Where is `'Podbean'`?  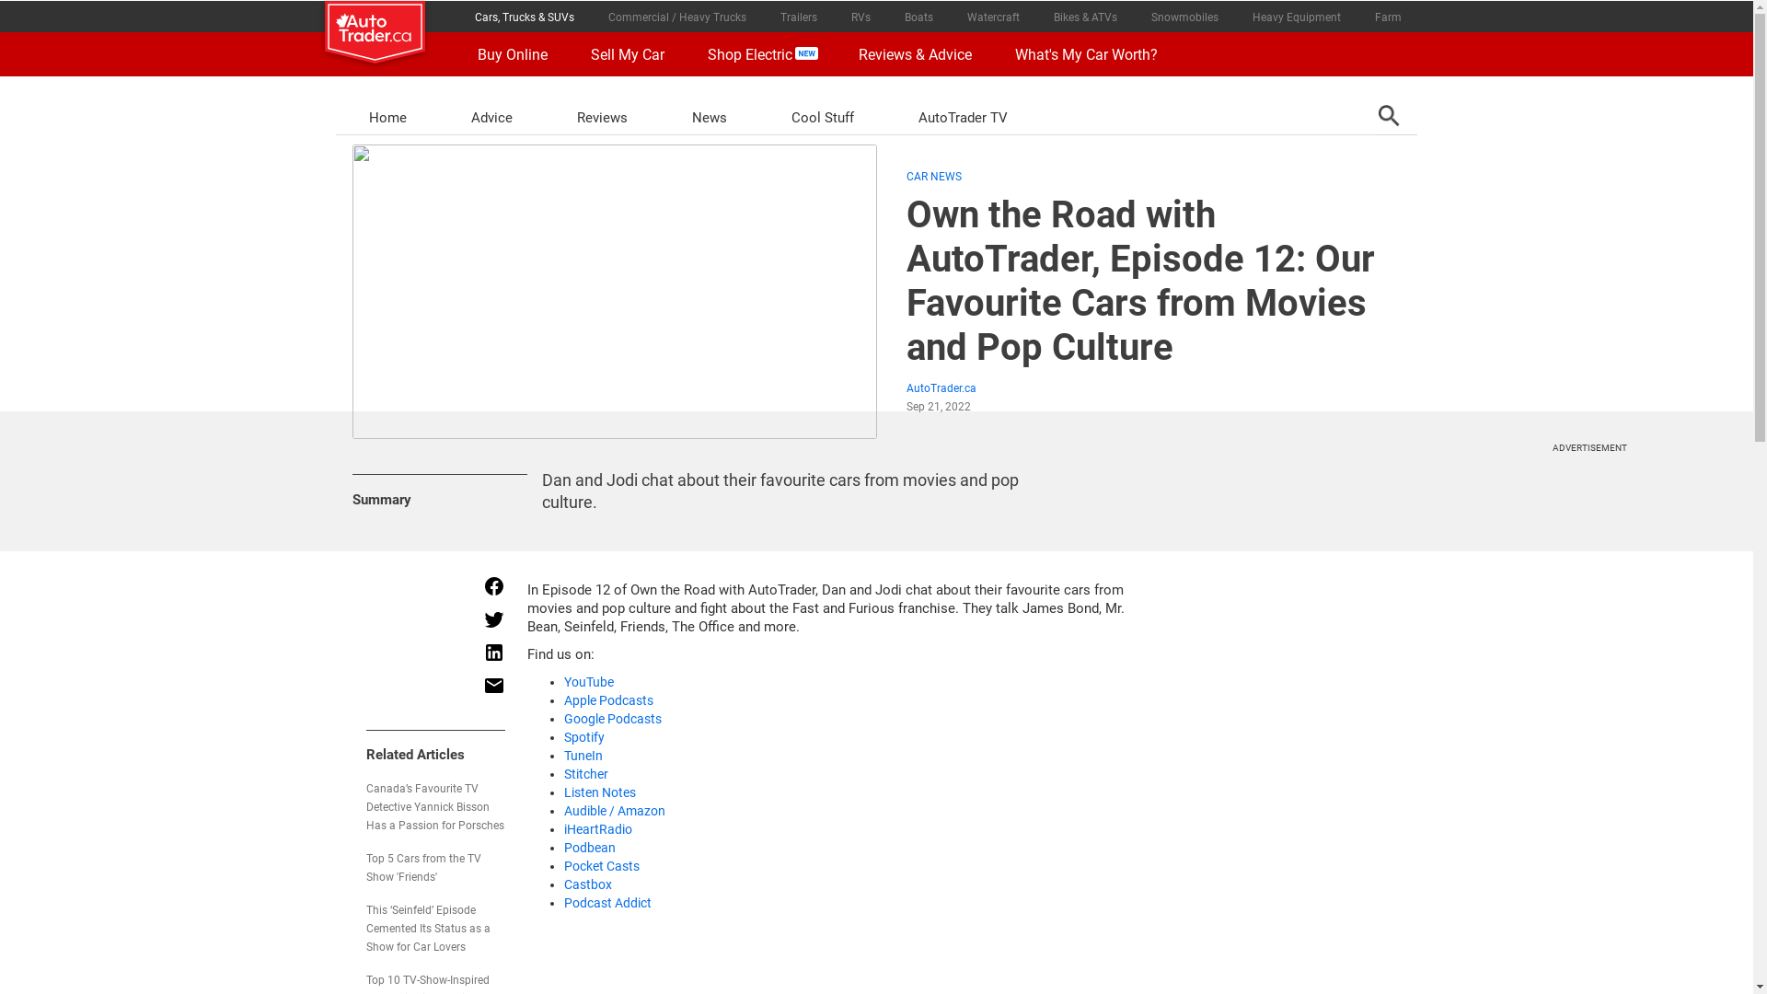
'Podbean' is located at coordinates (587, 848).